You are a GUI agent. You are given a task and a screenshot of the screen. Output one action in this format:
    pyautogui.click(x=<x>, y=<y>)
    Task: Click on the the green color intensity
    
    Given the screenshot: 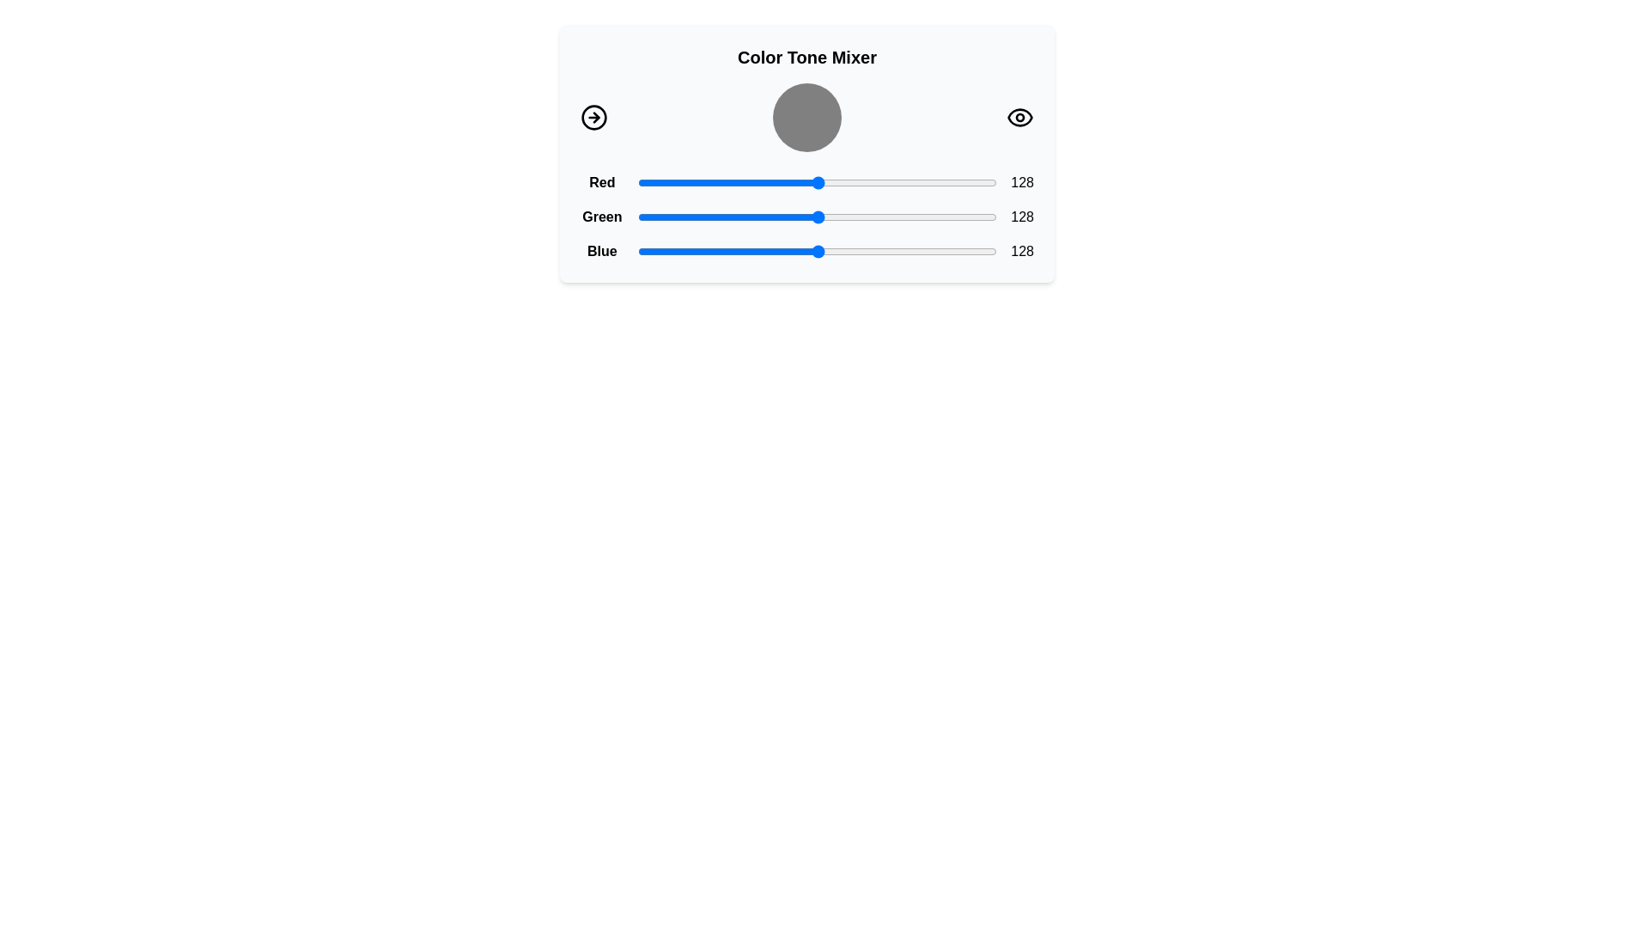 What is the action you would take?
    pyautogui.click(x=651, y=217)
    